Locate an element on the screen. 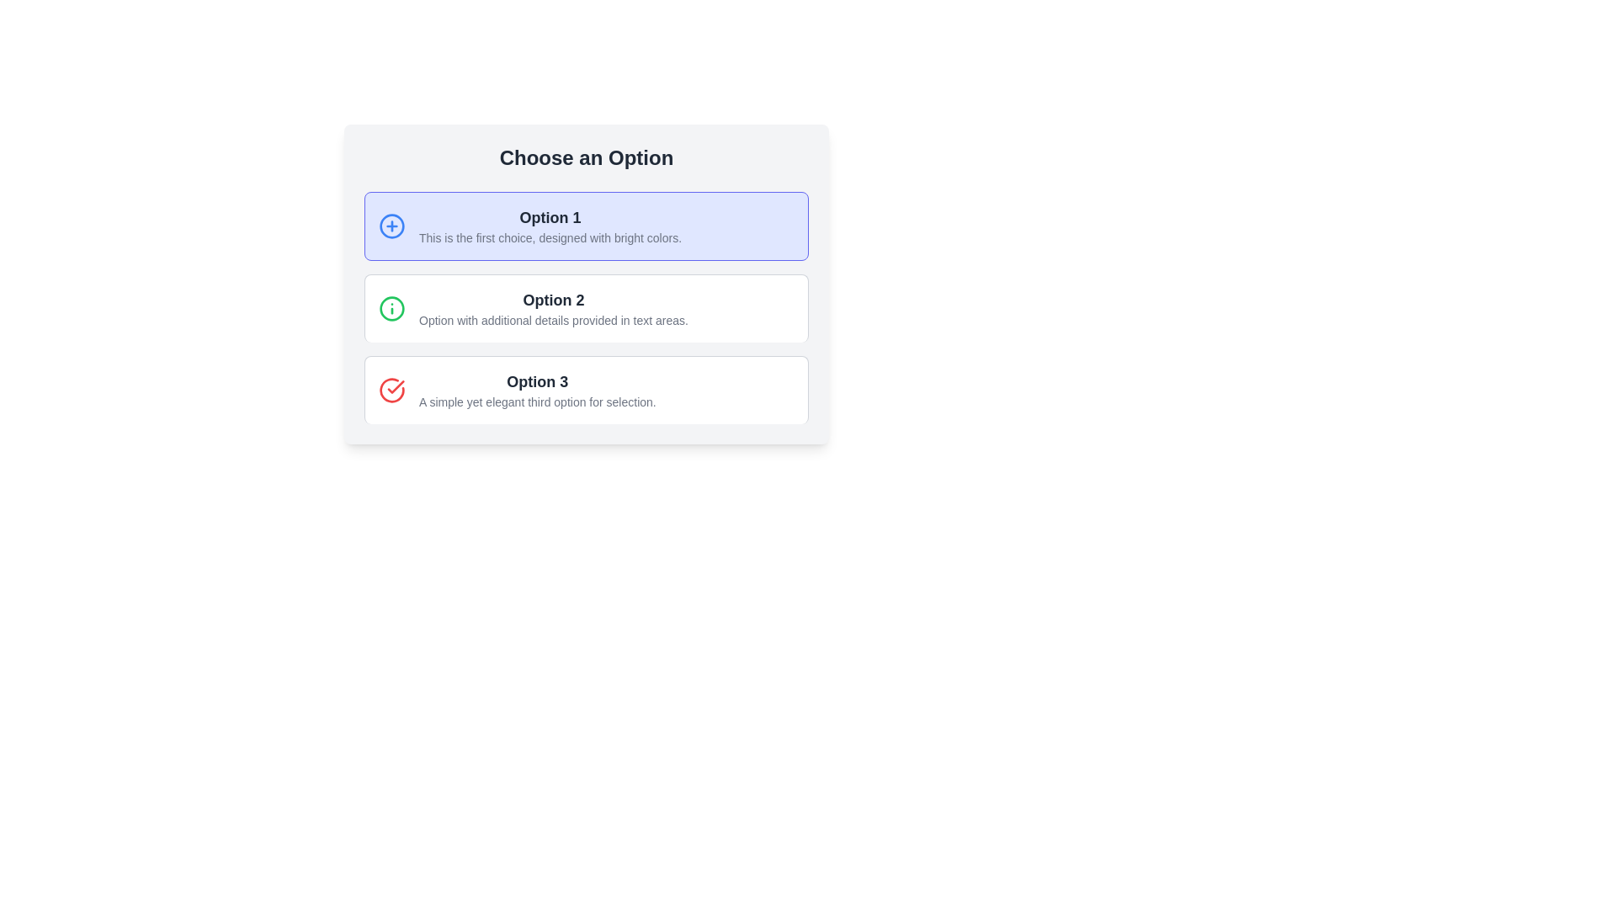 This screenshot has height=909, width=1616. the text label displaying 'Option with additional details provided in text areas.' which is located below the heading 'Option 2' is located at coordinates (553, 321).